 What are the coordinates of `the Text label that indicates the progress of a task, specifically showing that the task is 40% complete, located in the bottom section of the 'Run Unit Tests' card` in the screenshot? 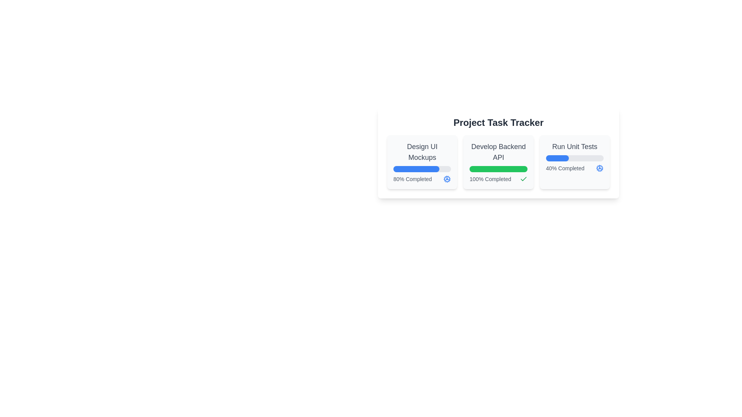 It's located at (575, 168).